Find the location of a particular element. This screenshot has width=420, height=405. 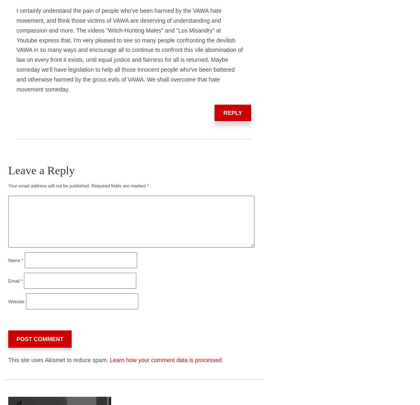

'I certainly understand the pain of people who've been harmed by the VAWA hate movement, and think those victims of VAWA are deserving of understanding and compassion and more.  The videos "Witch-Hunting Males" and "Los Misandry" at Youtube express that.  I'm very pleased to see so many people confronting the devilish VAWA in so many ways and encourage all to continue to confront this vile abomination of law on every front it exists, until equal justice and fairness for all is returned.  Maybe someday we'll have legislation to help all those innocent people who've been battered and otherwise harmed by the gross evils of VAWA.  We shall overcome that hate movement someday.' is located at coordinates (129, 49).